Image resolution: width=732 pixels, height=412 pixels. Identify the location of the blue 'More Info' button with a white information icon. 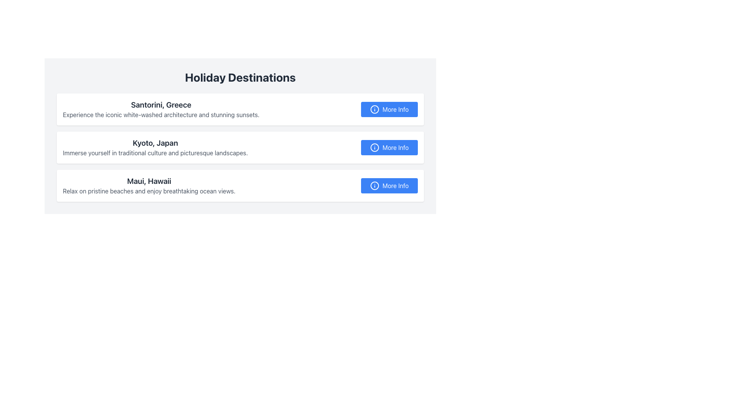
(389, 185).